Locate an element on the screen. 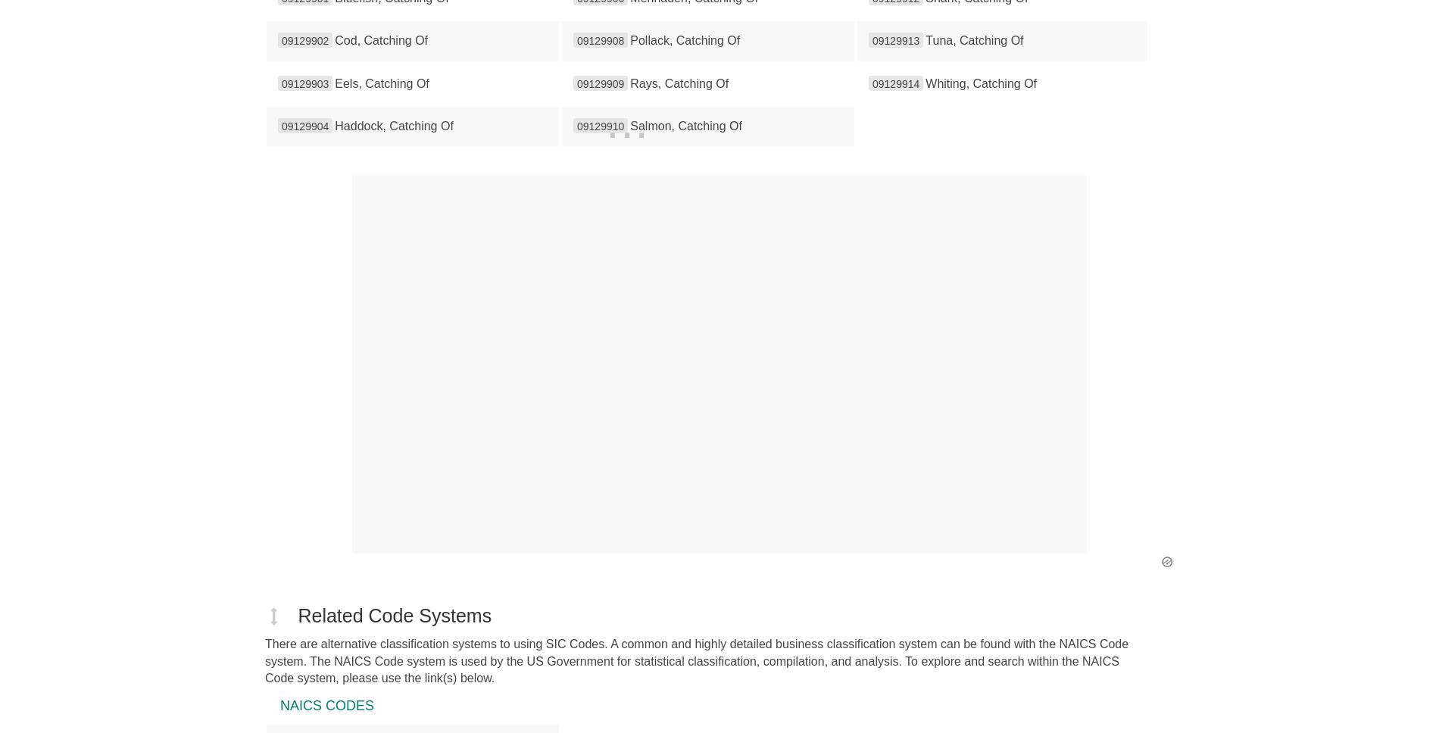 This screenshot has width=1439, height=733. 'Whiting, Catching Of' is located at coordinates (925, 83).